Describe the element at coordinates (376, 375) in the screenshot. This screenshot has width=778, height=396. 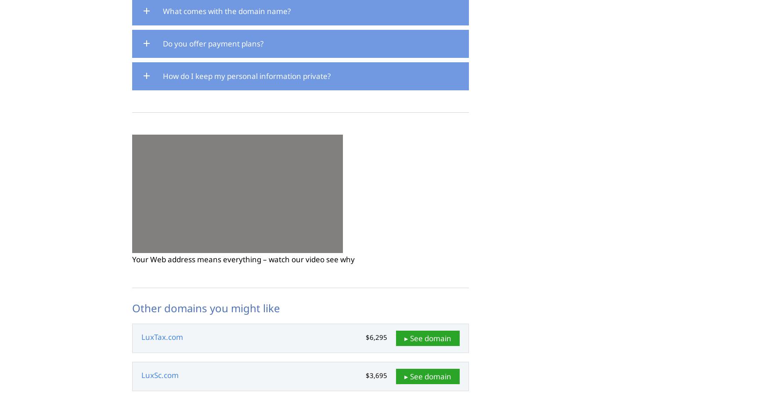
I see `'$3,695'` at that location.